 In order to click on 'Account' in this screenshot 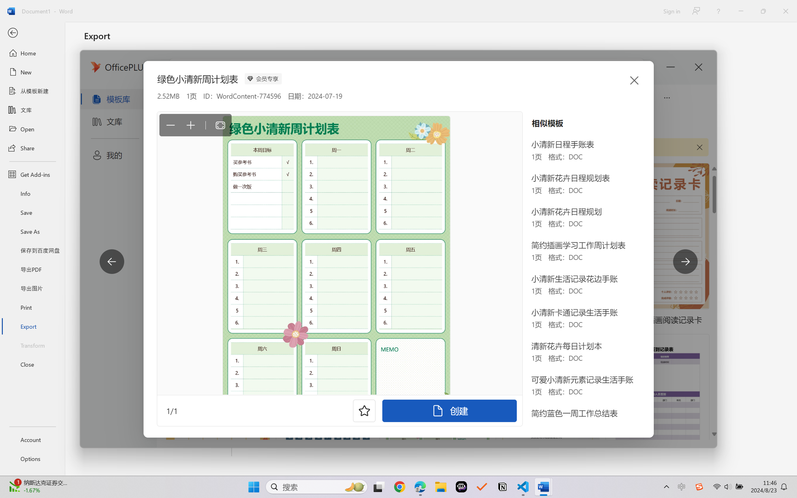, I will do `click(32, 439)`.